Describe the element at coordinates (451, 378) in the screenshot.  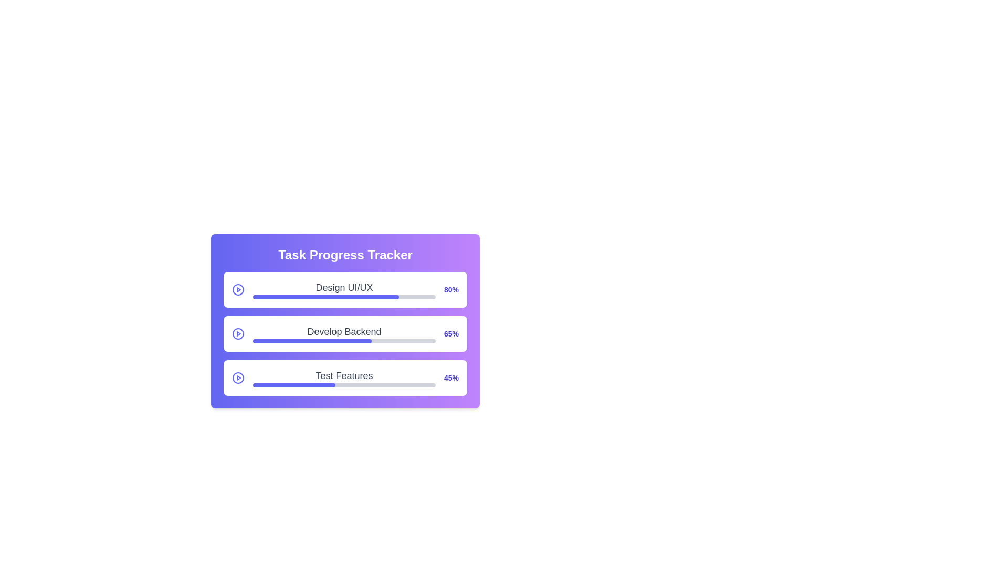
I see `the text label displaying '45%' in bold indigo font located in the 'Test Features' task row of the vertical task progress tracker` at that location.